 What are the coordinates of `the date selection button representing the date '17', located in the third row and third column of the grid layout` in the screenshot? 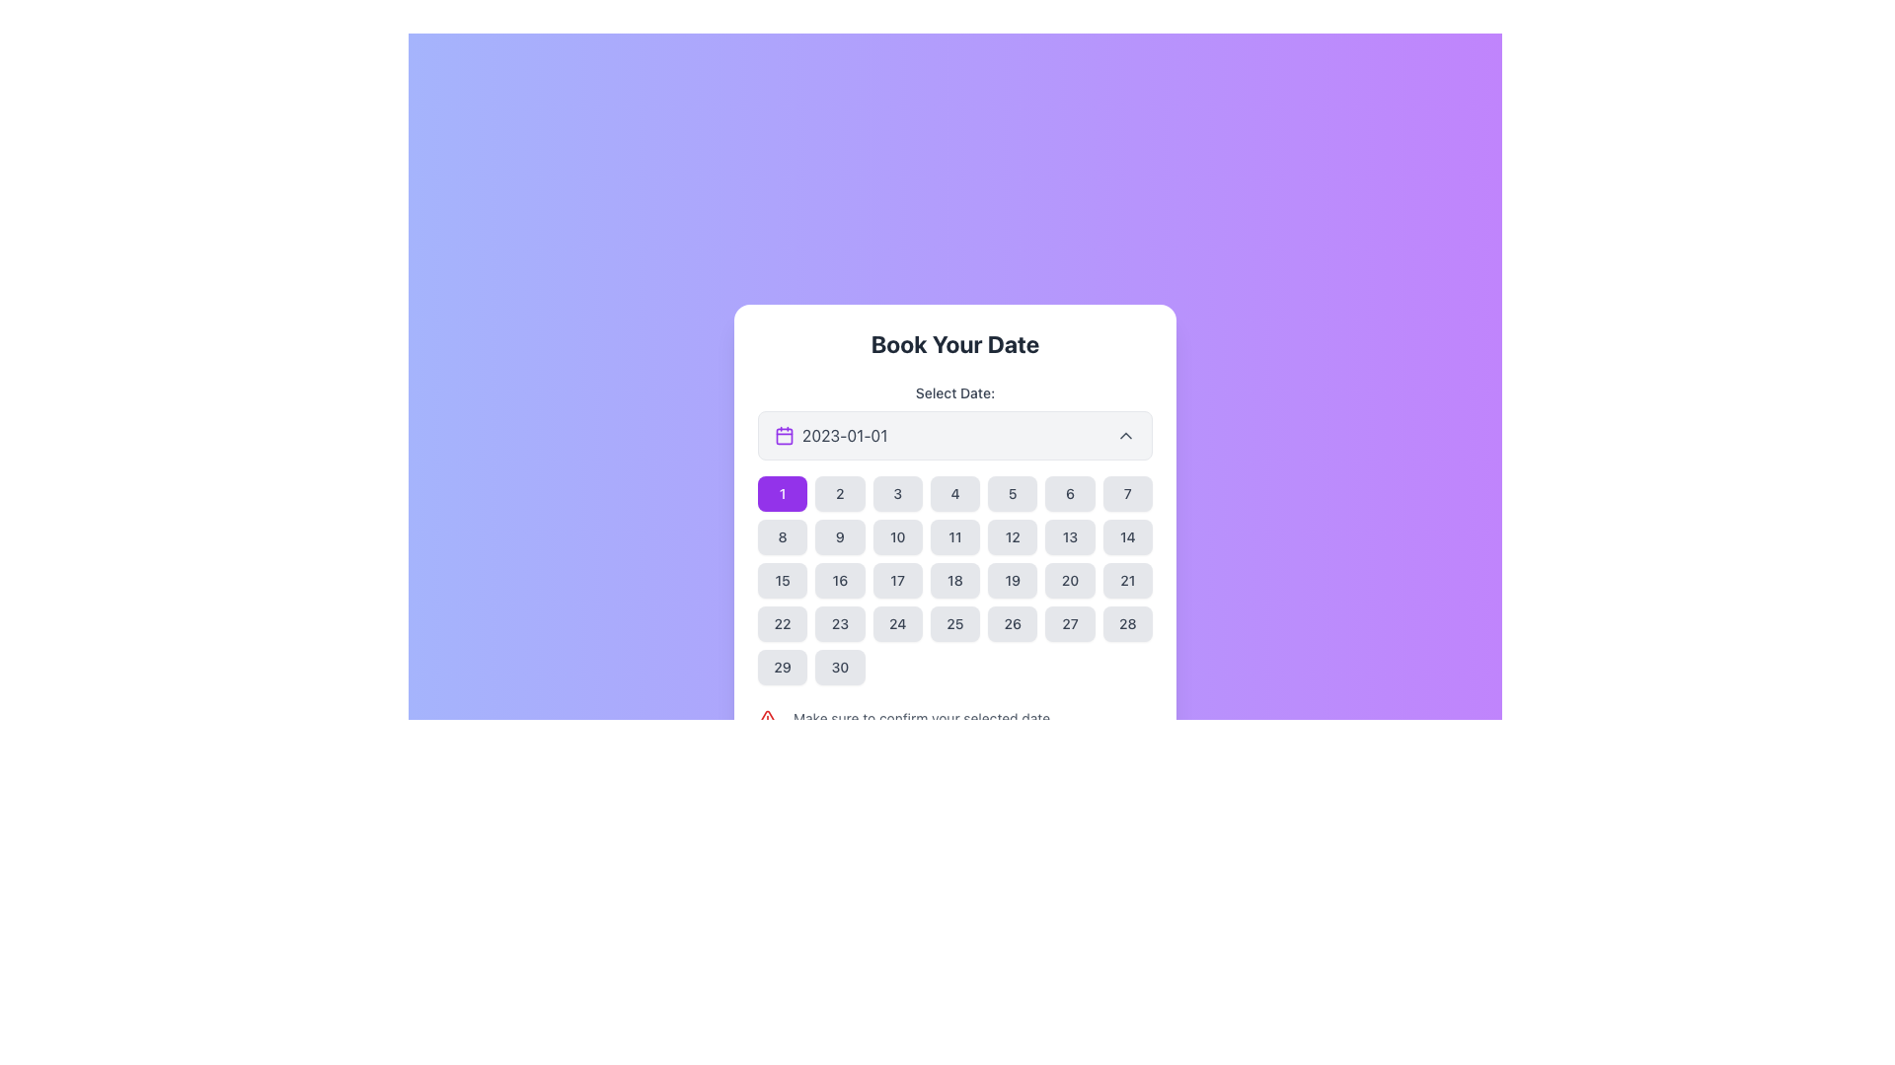 It's located at (896, 580).